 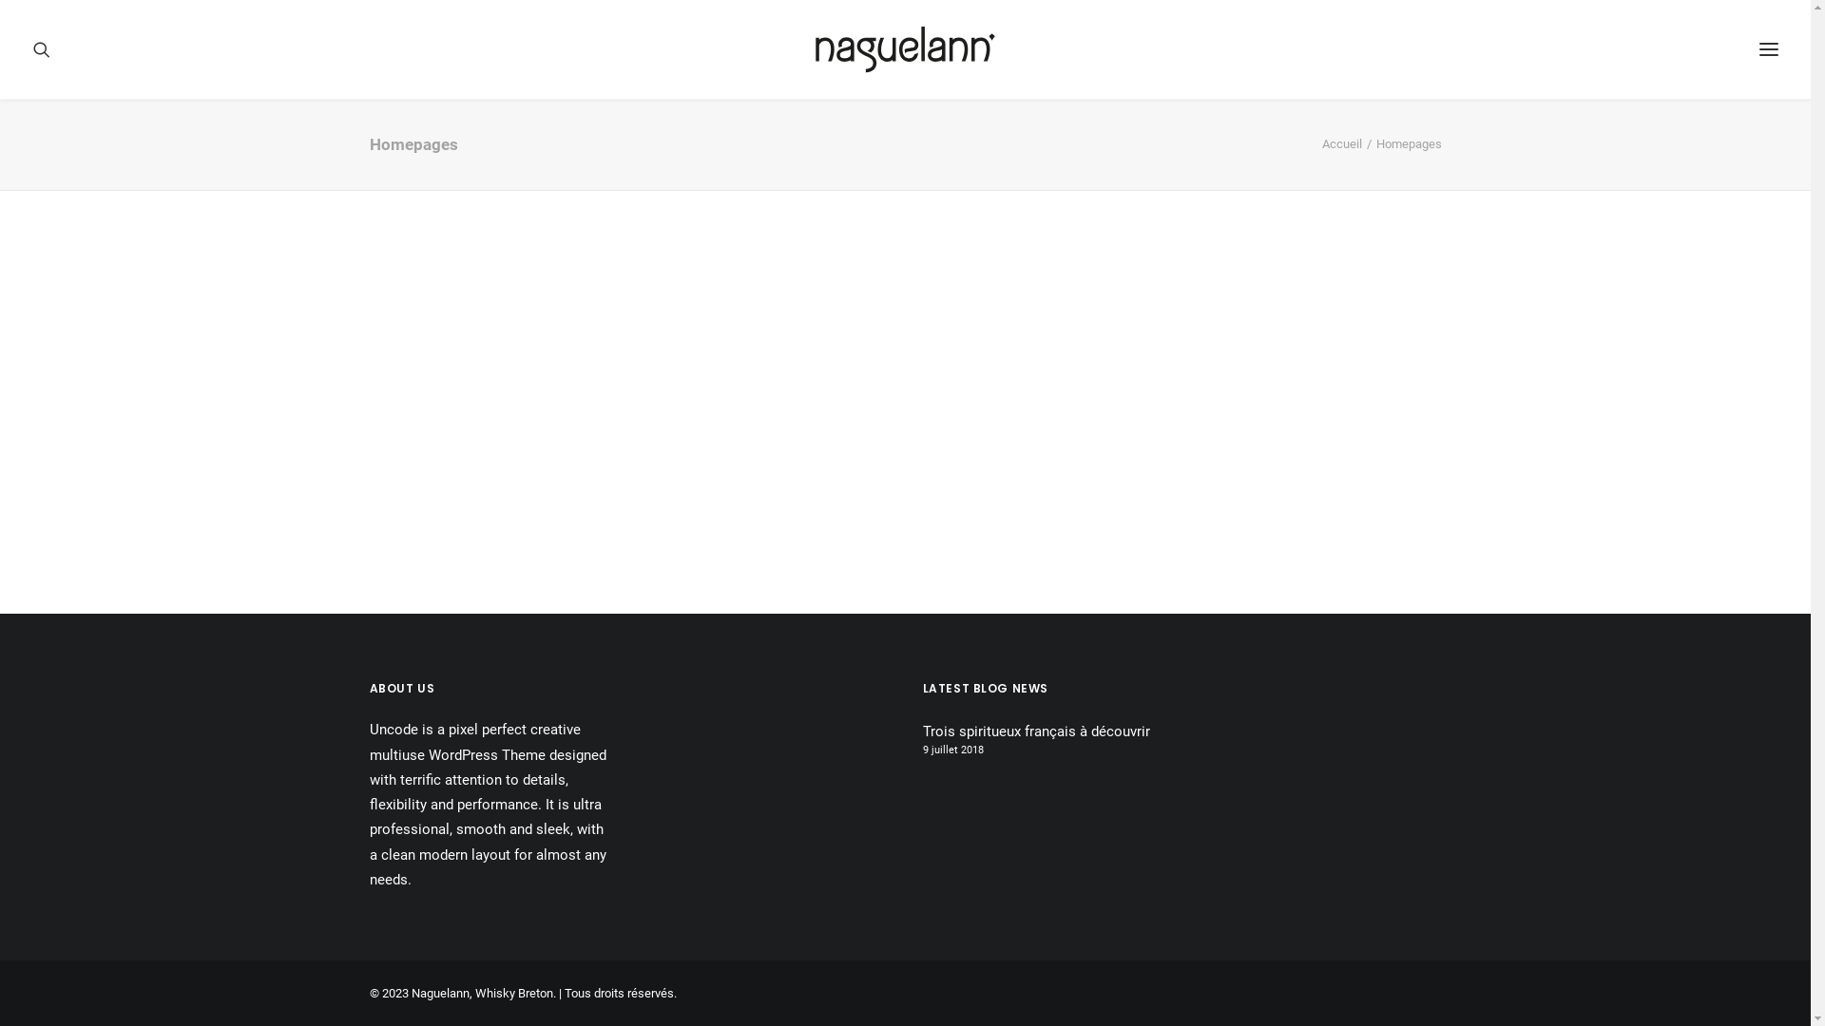 What do you see at coordinates (1340, 142) in the screenshot?
I see `'Accueil'` at bounding box center [1340, 142].